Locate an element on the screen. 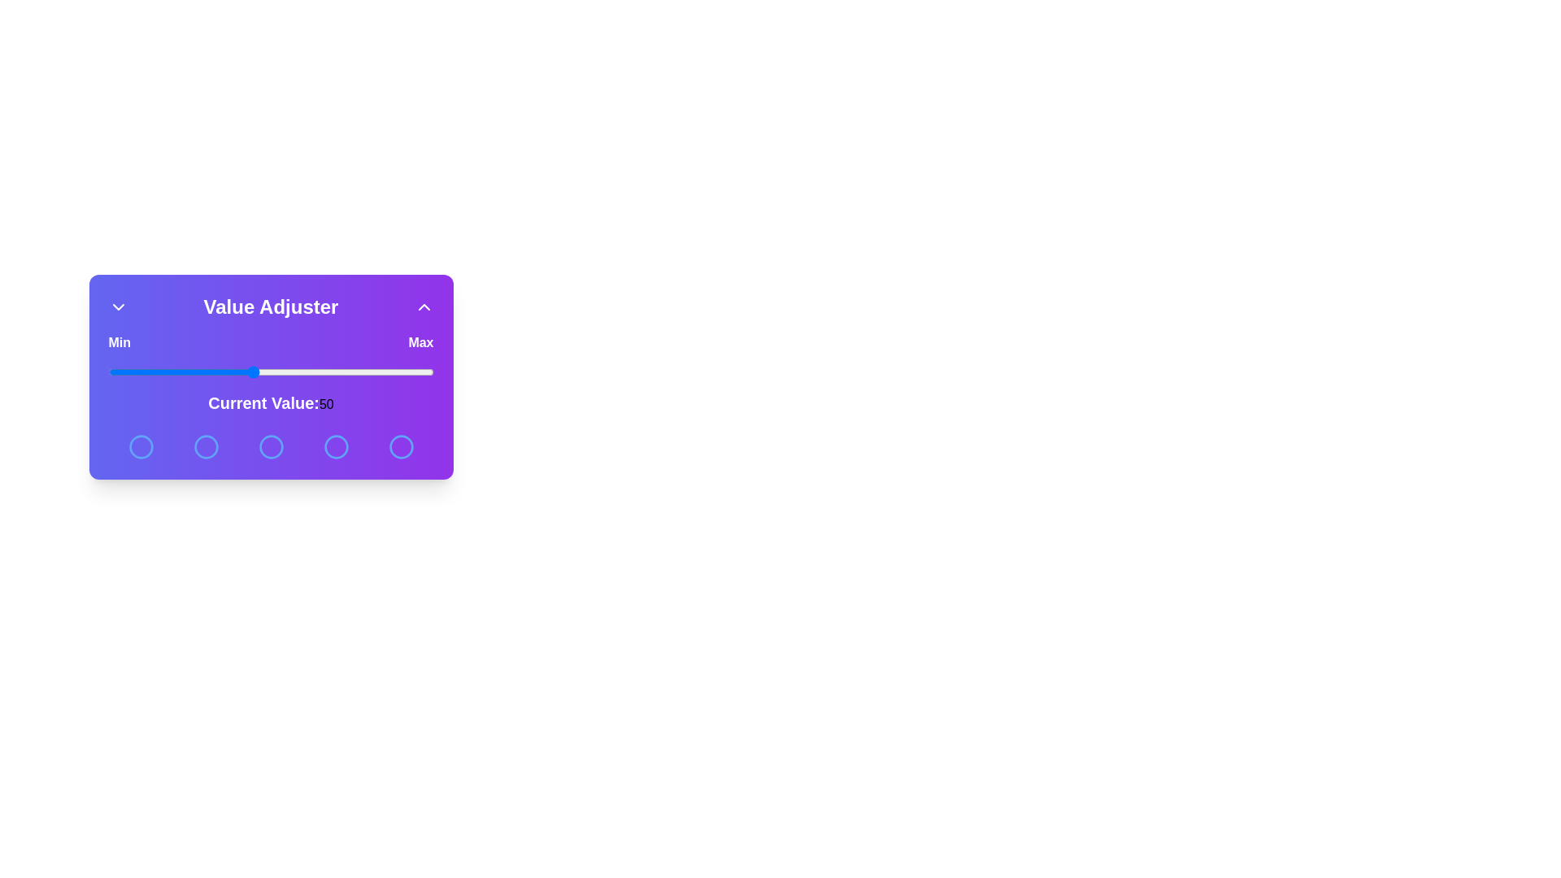 The height and width of the screenshot is (878, 1561). the slider to set the value to 94 is located at coordinates (411, 372).